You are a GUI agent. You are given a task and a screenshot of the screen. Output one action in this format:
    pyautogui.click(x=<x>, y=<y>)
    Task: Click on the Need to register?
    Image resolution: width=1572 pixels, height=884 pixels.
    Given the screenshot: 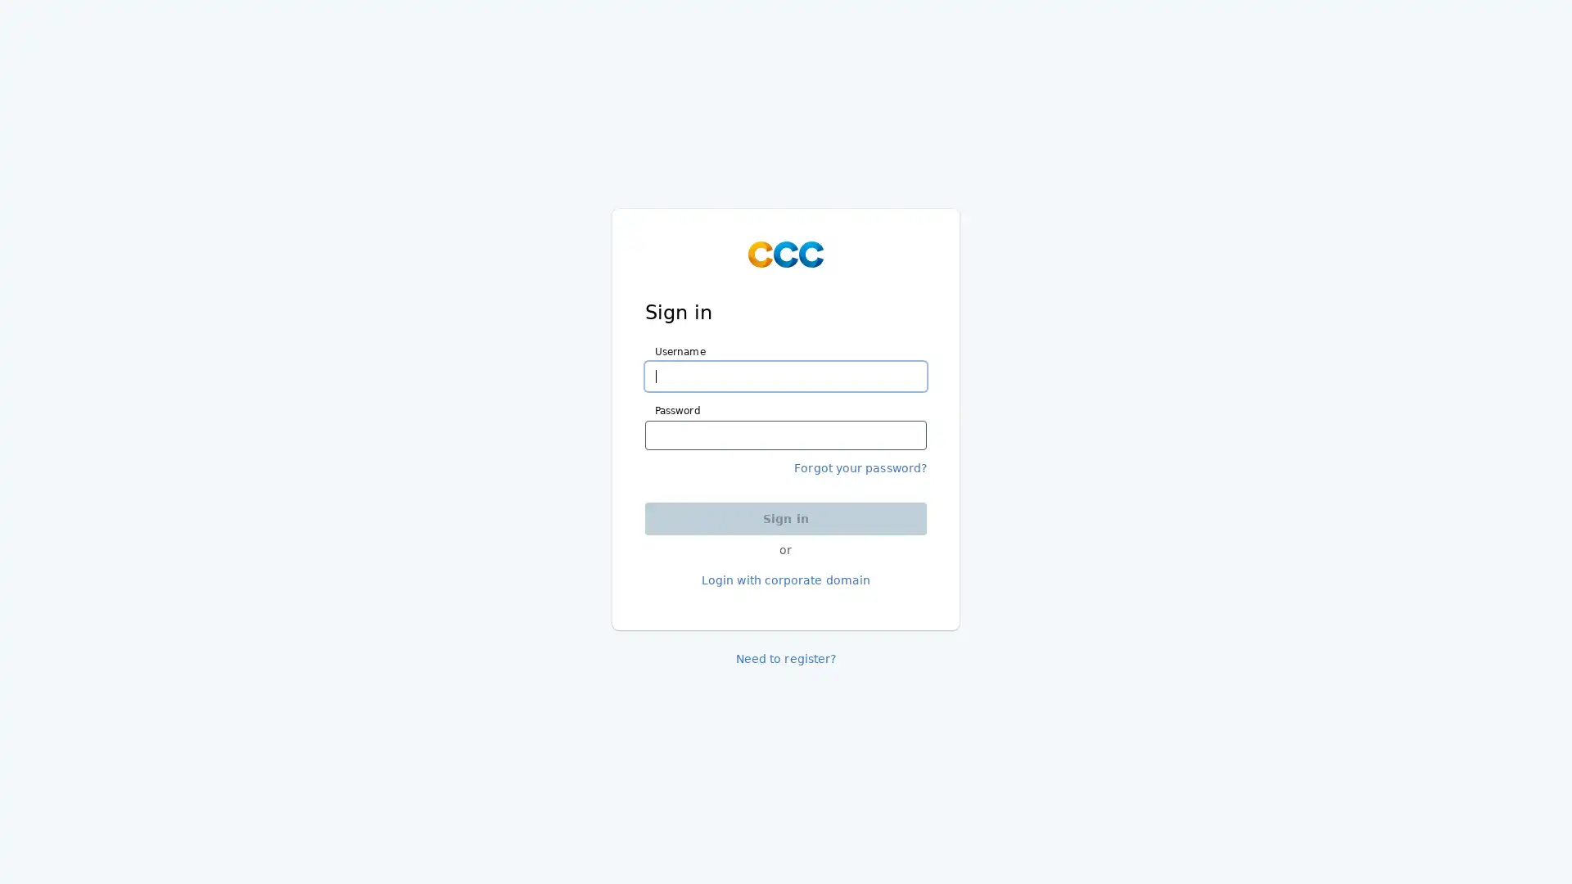 What is the action you would take?
    pyautogui.click(x=784, y=658)
    